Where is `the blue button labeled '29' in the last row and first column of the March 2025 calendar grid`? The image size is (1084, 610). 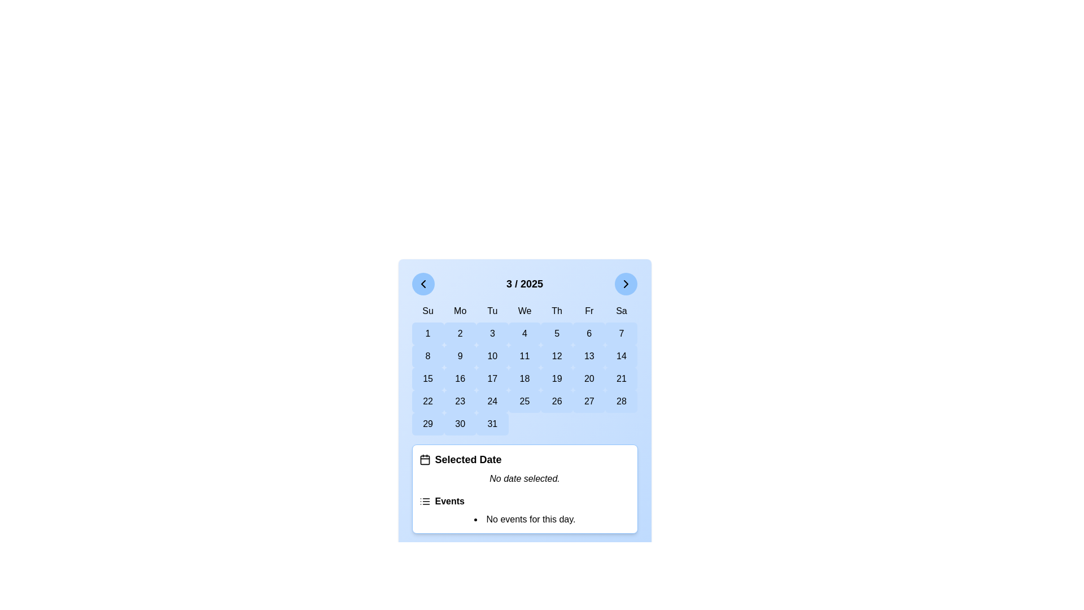 the blue button labeled '29' in the last row and first column of the March 2025 calendar grid is located at coordinates (427, 424).